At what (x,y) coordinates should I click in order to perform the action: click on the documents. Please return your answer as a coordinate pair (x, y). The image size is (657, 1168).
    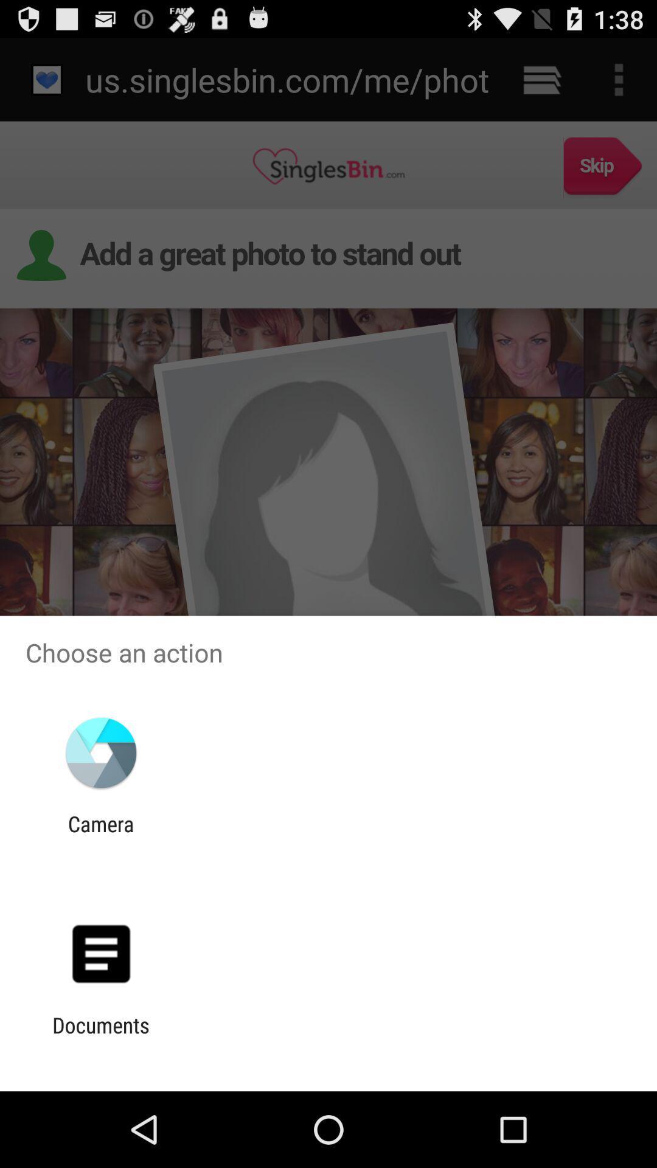
    Looking at the image, I should click on (100, 1037).